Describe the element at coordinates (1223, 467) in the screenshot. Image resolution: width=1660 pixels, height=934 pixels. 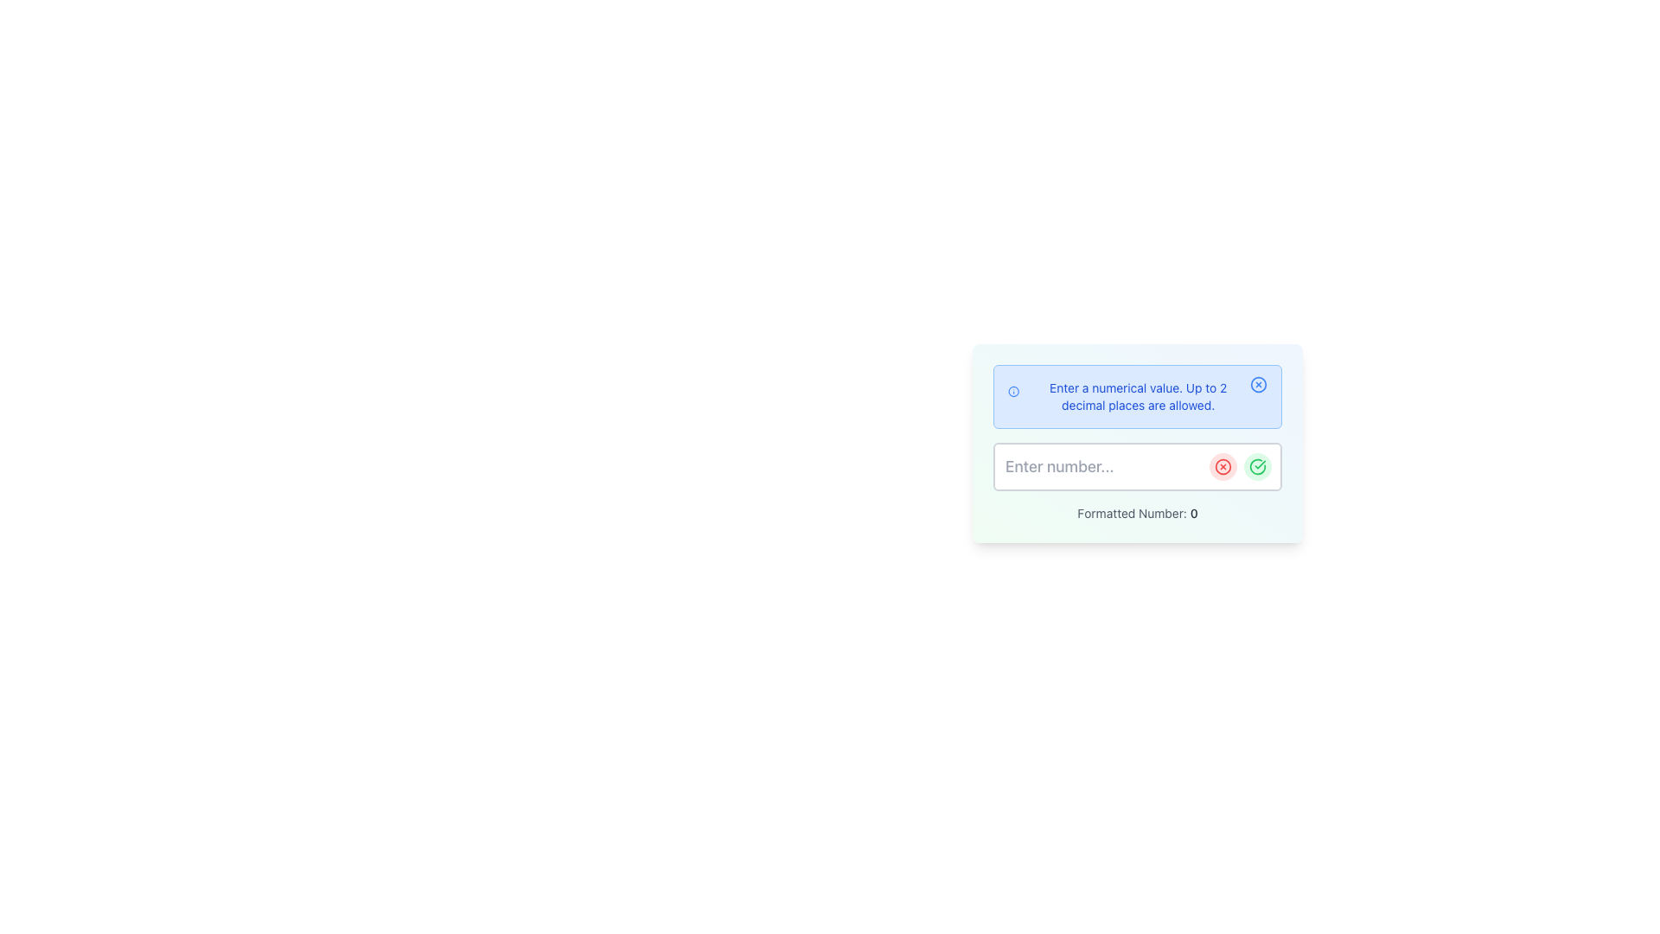
I see `the clear or delete button located to the right of the text input field, adjacent to a green checkmark icon` at that location.